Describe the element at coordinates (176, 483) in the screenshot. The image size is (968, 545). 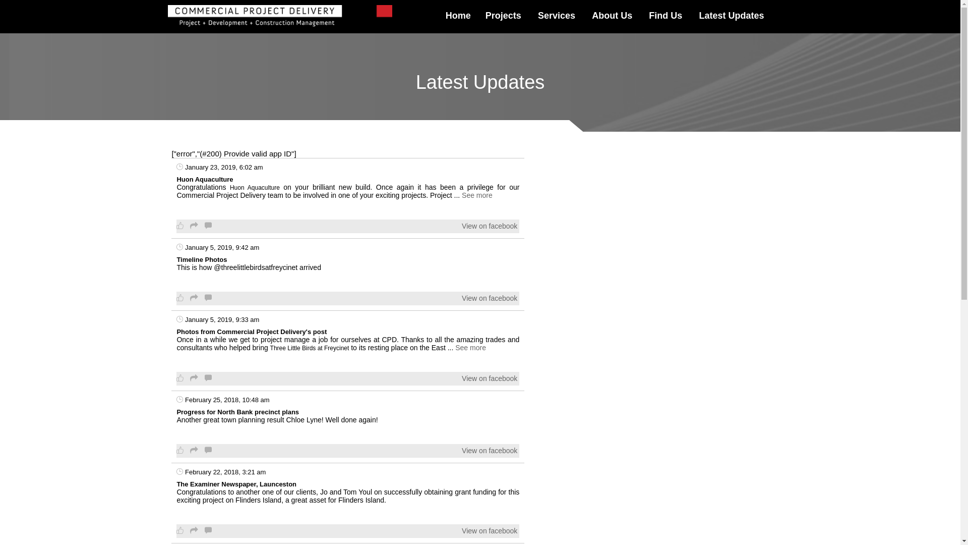
I see `'The Examiner Newspaper, Launceston'` at that location.